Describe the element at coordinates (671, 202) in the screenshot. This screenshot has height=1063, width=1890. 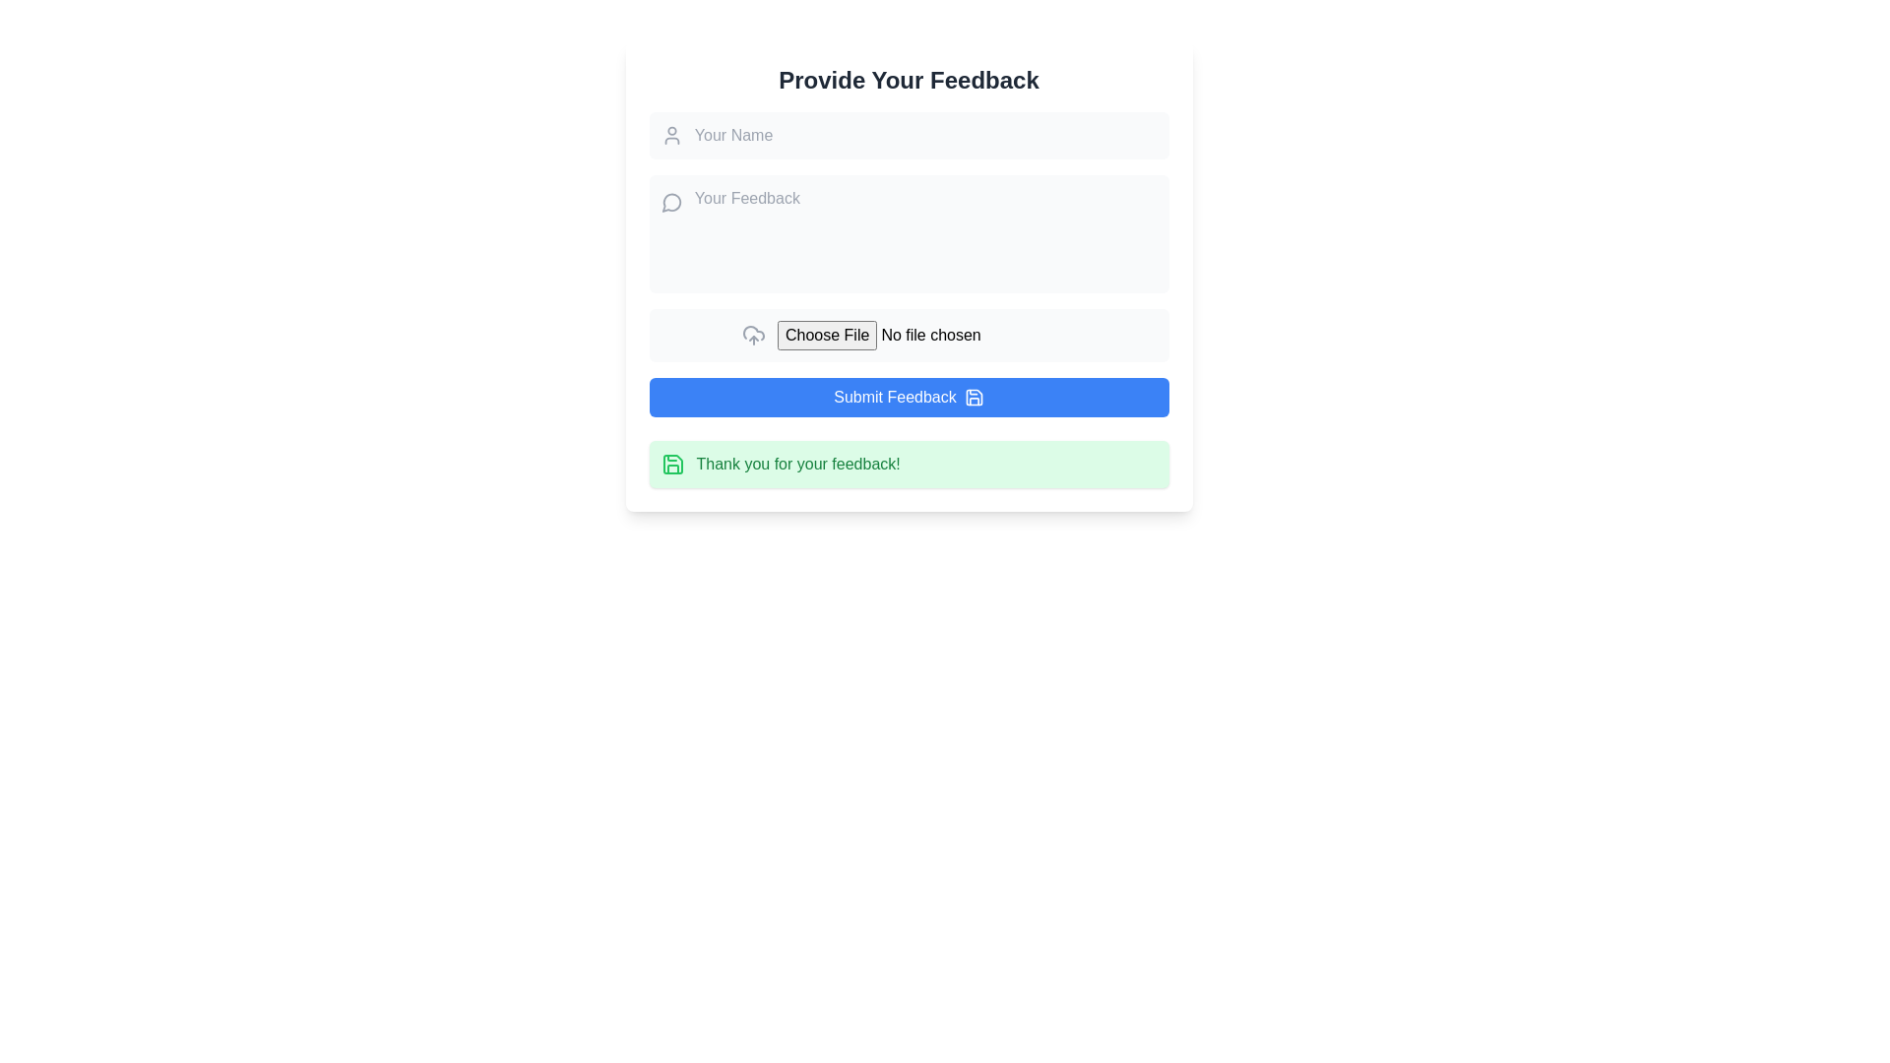
I see `the speech bubble icon with a gray color and thin rounded border, located near the placeholder text 'Your Feedback'` at that location.